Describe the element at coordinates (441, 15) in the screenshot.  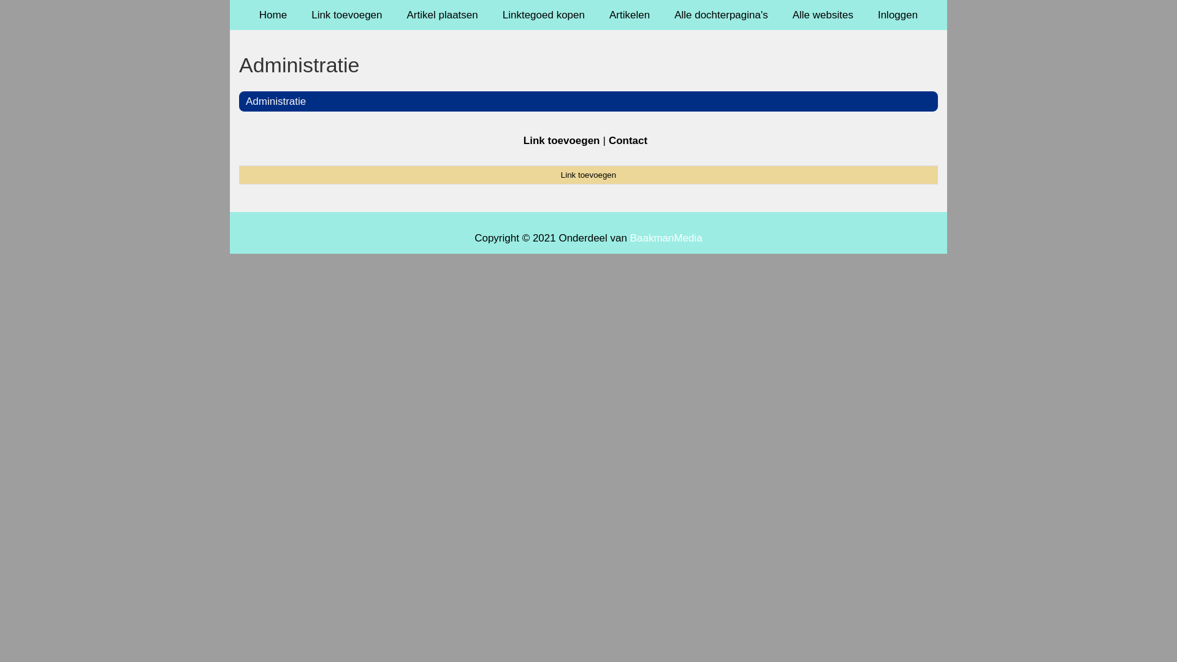
I see `'Artikel plaatsen'` at that location.